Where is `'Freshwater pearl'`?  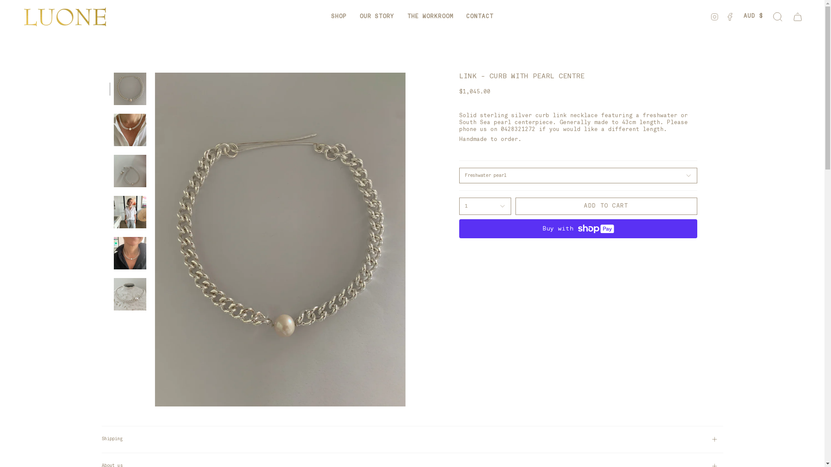 'Freshwater pearl' is located at coordinates (577, 175).